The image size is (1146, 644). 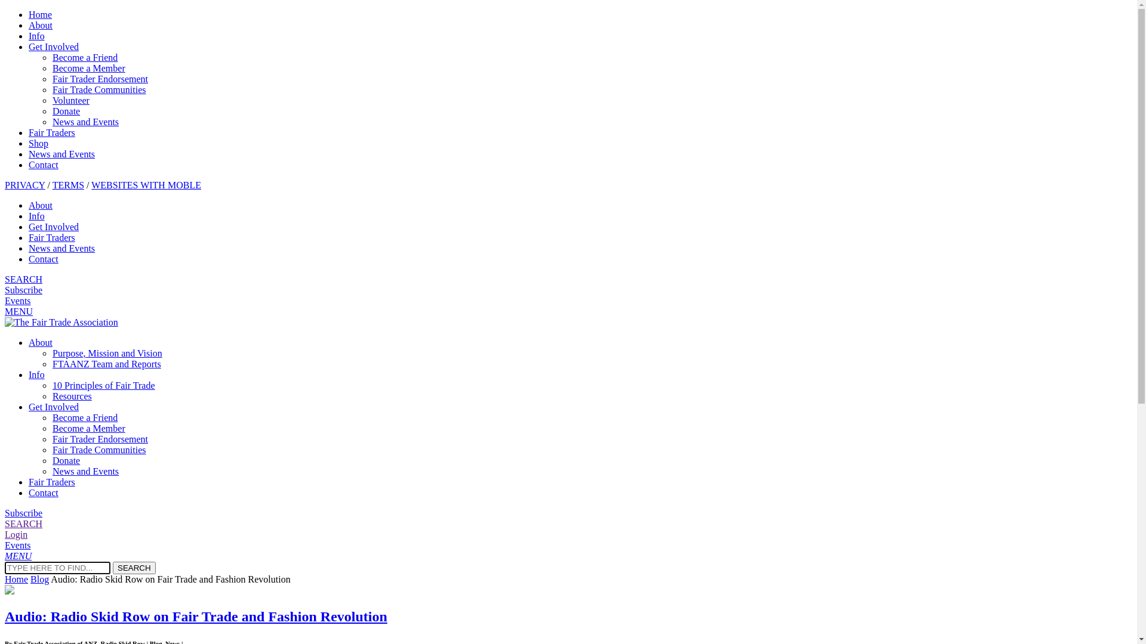 What do you see at coordinates (103, 385) in the screenshot?
I see `'10 Principles of Fair Trade'` at bounding box center [103, 385].